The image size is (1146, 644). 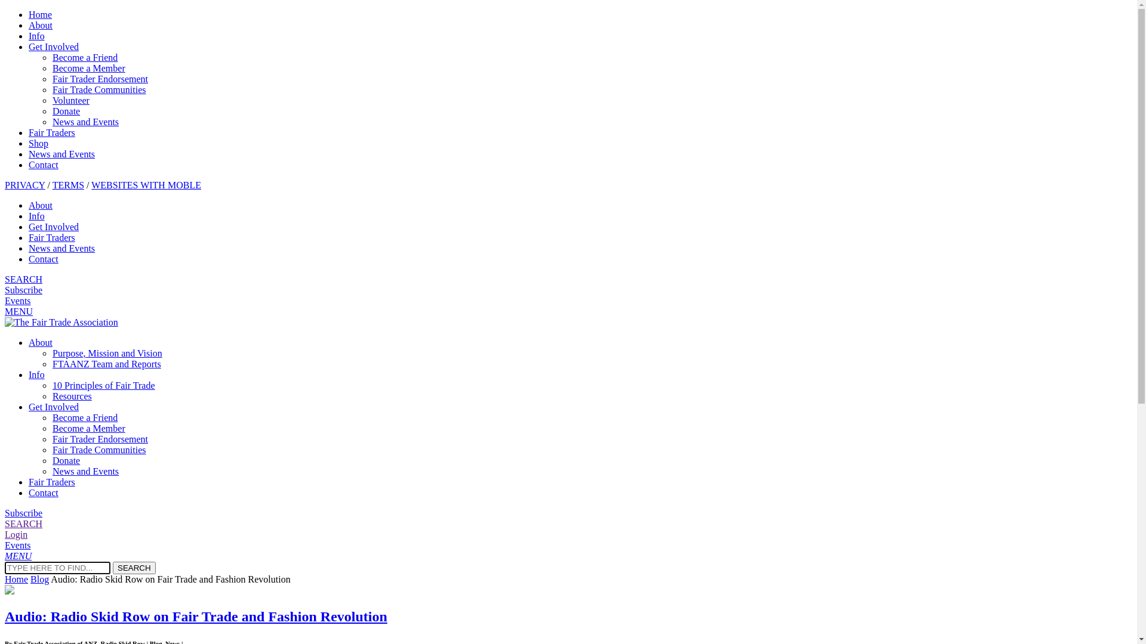 What do you see at coordinates (103, 385) in the screenshot?
I see `'10 Principles of Fair Trade'` at bounding box center [103, 385].